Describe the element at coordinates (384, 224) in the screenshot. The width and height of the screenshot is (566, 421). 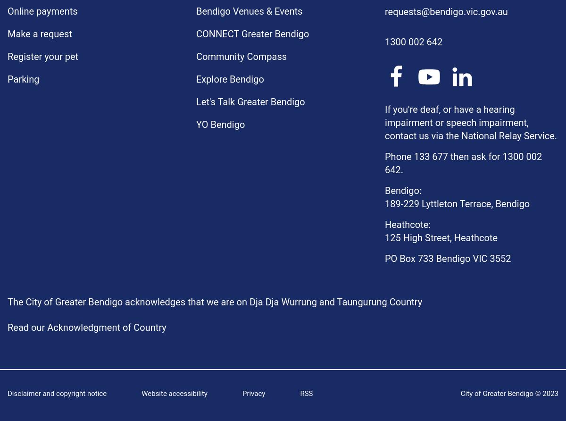
I see `'Heathcote:'` at that location.